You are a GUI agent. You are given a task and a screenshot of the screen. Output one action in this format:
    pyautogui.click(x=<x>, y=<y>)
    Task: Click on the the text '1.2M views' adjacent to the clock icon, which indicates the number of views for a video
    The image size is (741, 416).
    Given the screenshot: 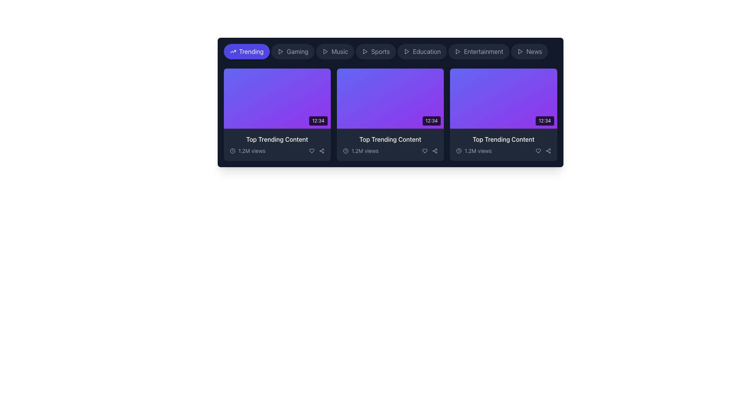 What is the action you would take?
    pyautogui.click(x=474, y=151)
    